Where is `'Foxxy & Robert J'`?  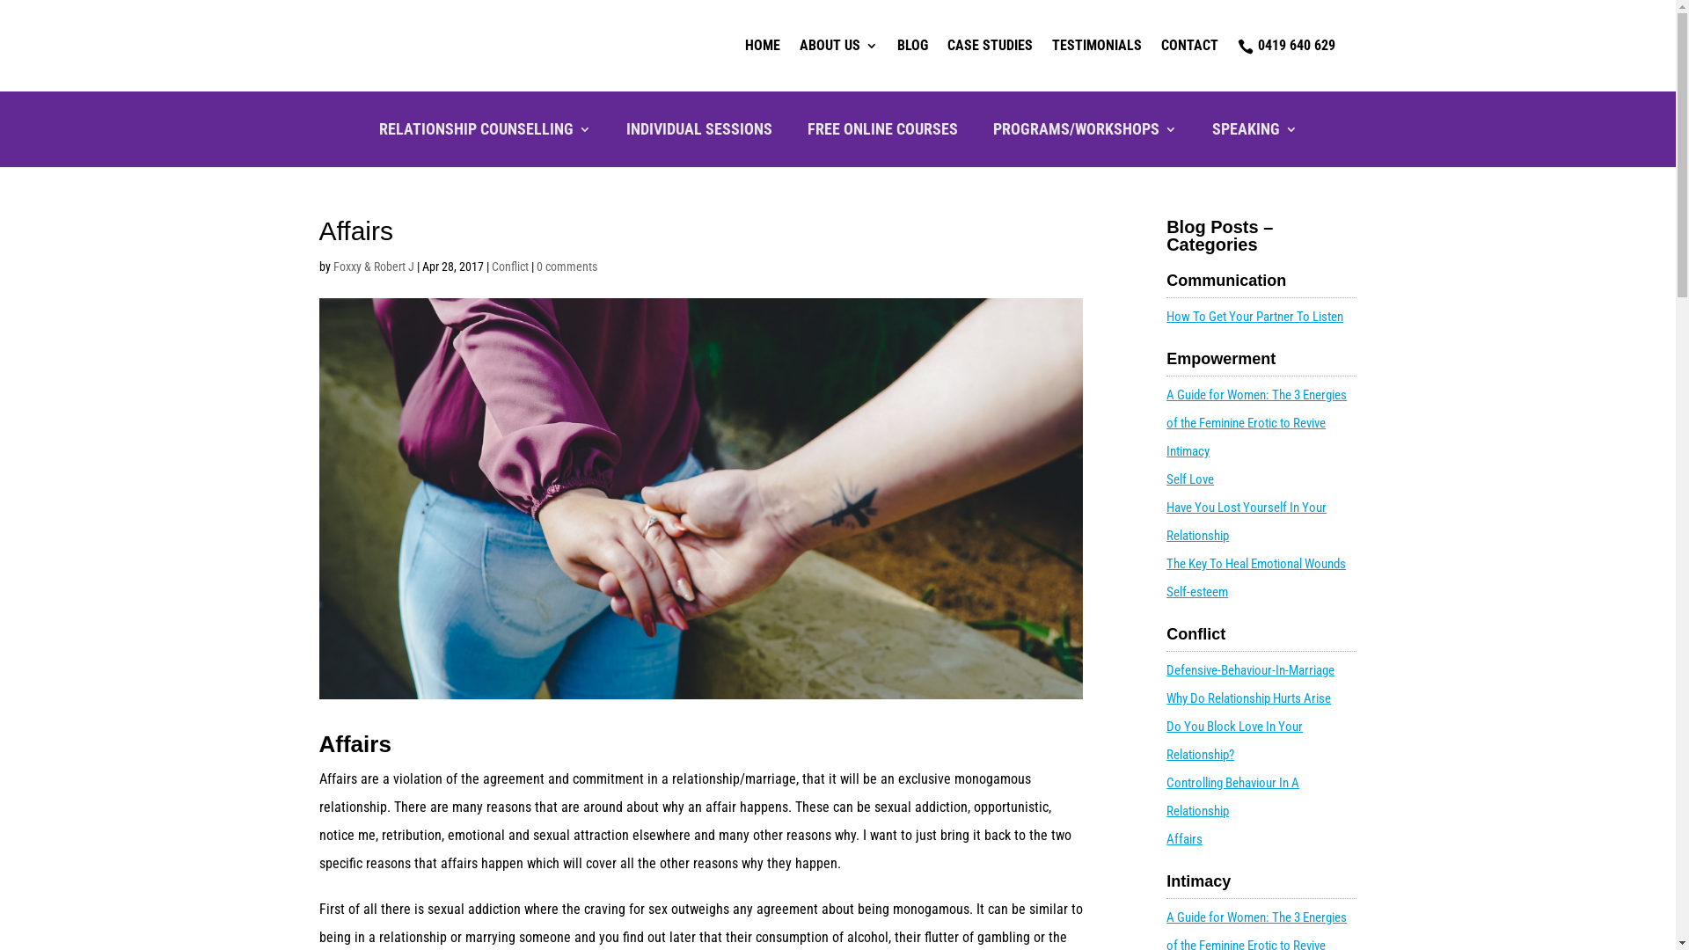
'Foxxy & Robert J' is located at coordinates (371, 267).